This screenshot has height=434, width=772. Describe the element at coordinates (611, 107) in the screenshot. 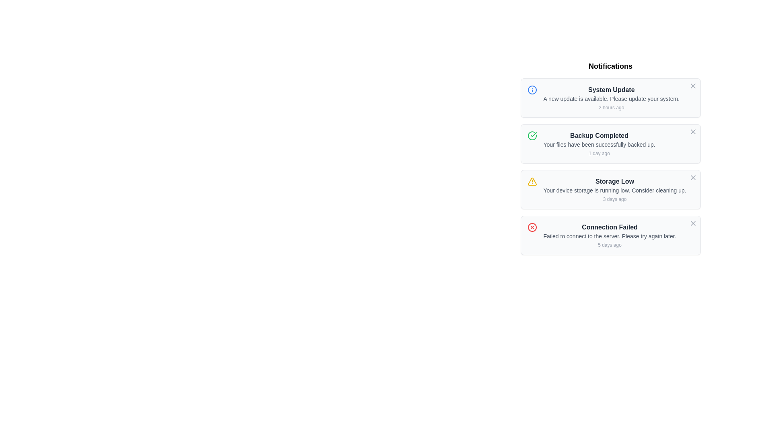

I see `the text label displaying '2 hours ago', which is positioned below the notification message 'A new update is available. Please update your system.'` at that location.